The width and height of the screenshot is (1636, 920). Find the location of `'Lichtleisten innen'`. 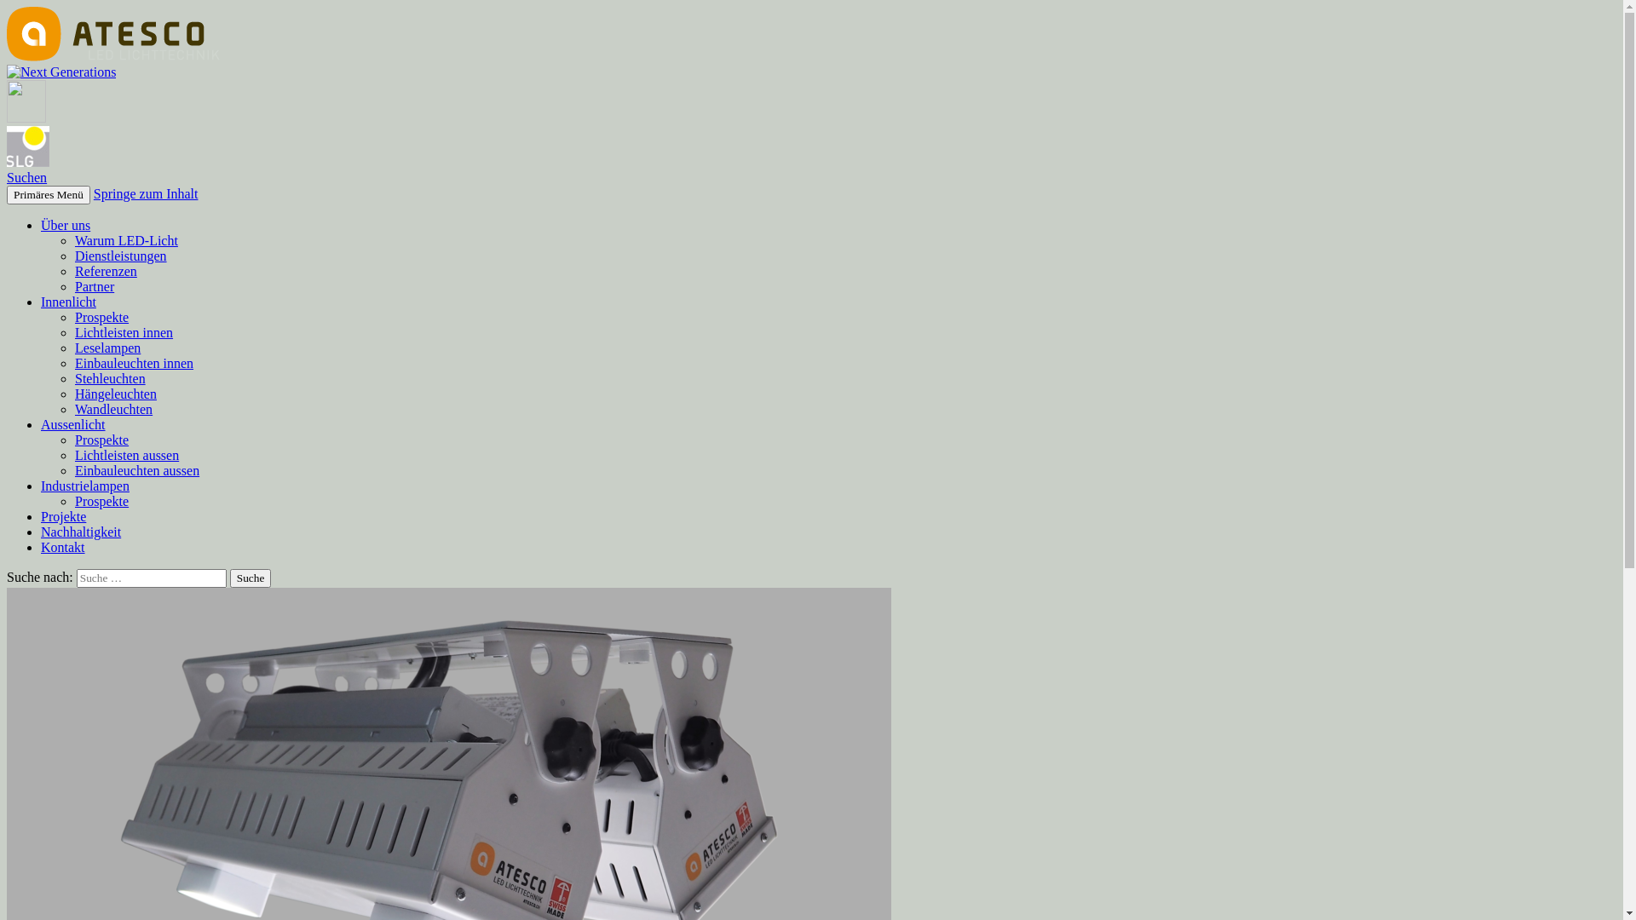

'Lichtleisten innen' is located at coordinates (123, 332).